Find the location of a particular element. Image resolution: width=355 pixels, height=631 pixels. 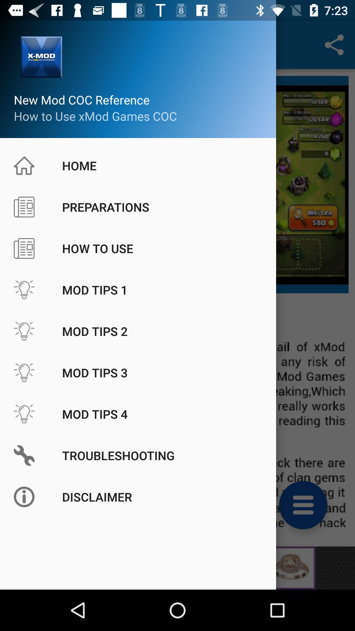

the menu icon is located at coordinates (303, 504).